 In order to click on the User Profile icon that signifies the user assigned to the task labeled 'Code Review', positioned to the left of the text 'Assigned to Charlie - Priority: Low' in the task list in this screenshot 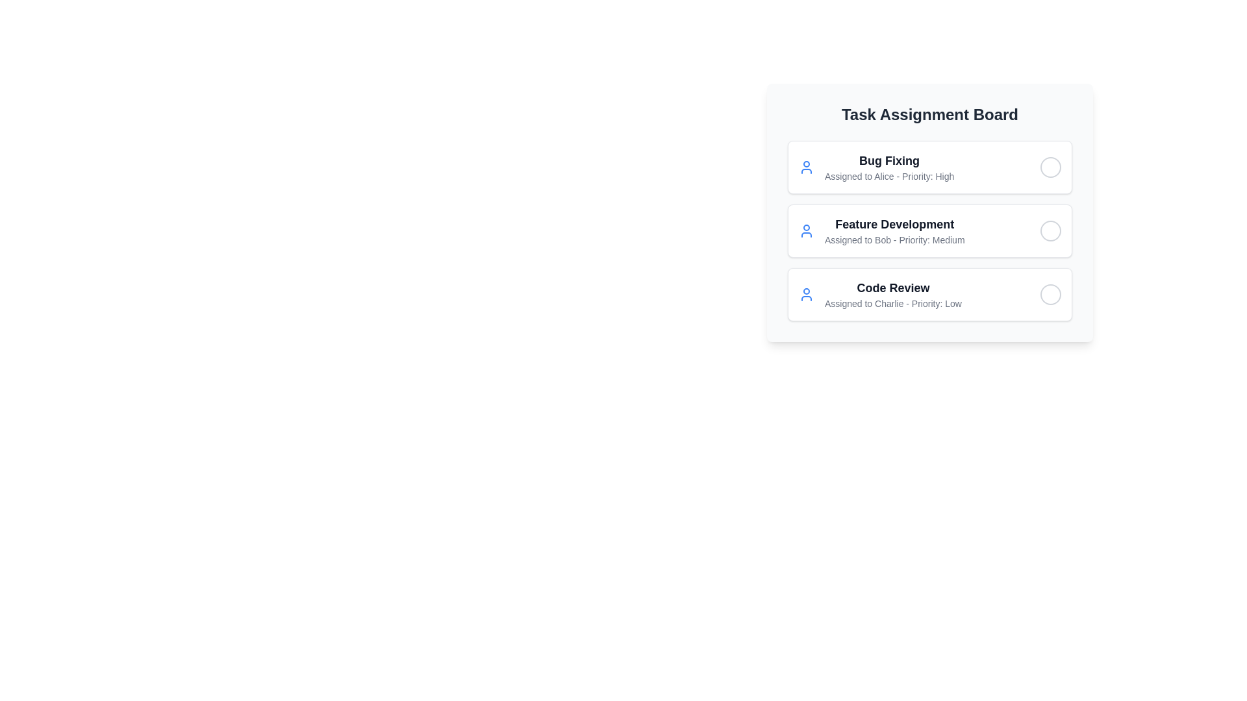, I will do `click(806, 295)`.